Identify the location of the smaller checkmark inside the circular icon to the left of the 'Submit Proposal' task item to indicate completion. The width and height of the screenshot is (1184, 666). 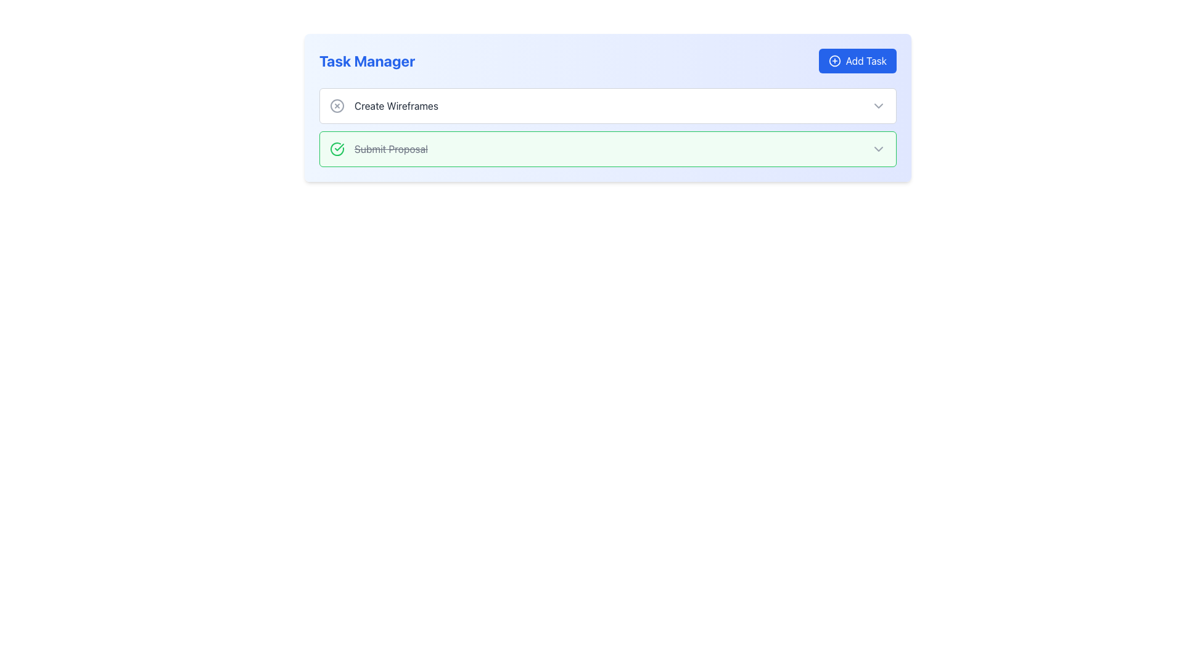
(339, 147).